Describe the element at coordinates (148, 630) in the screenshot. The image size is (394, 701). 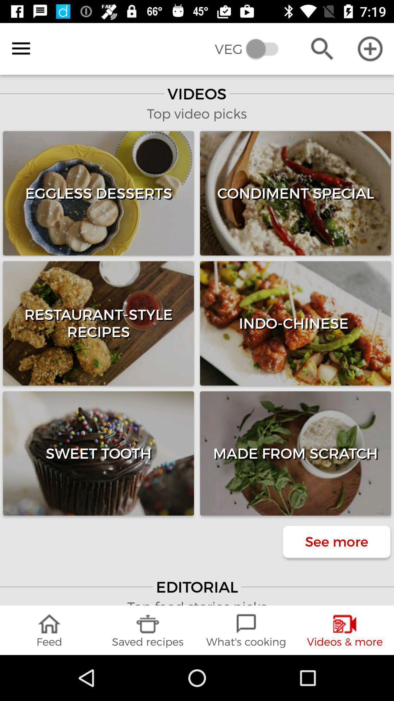
I see `the saved recipes icon` at that location.